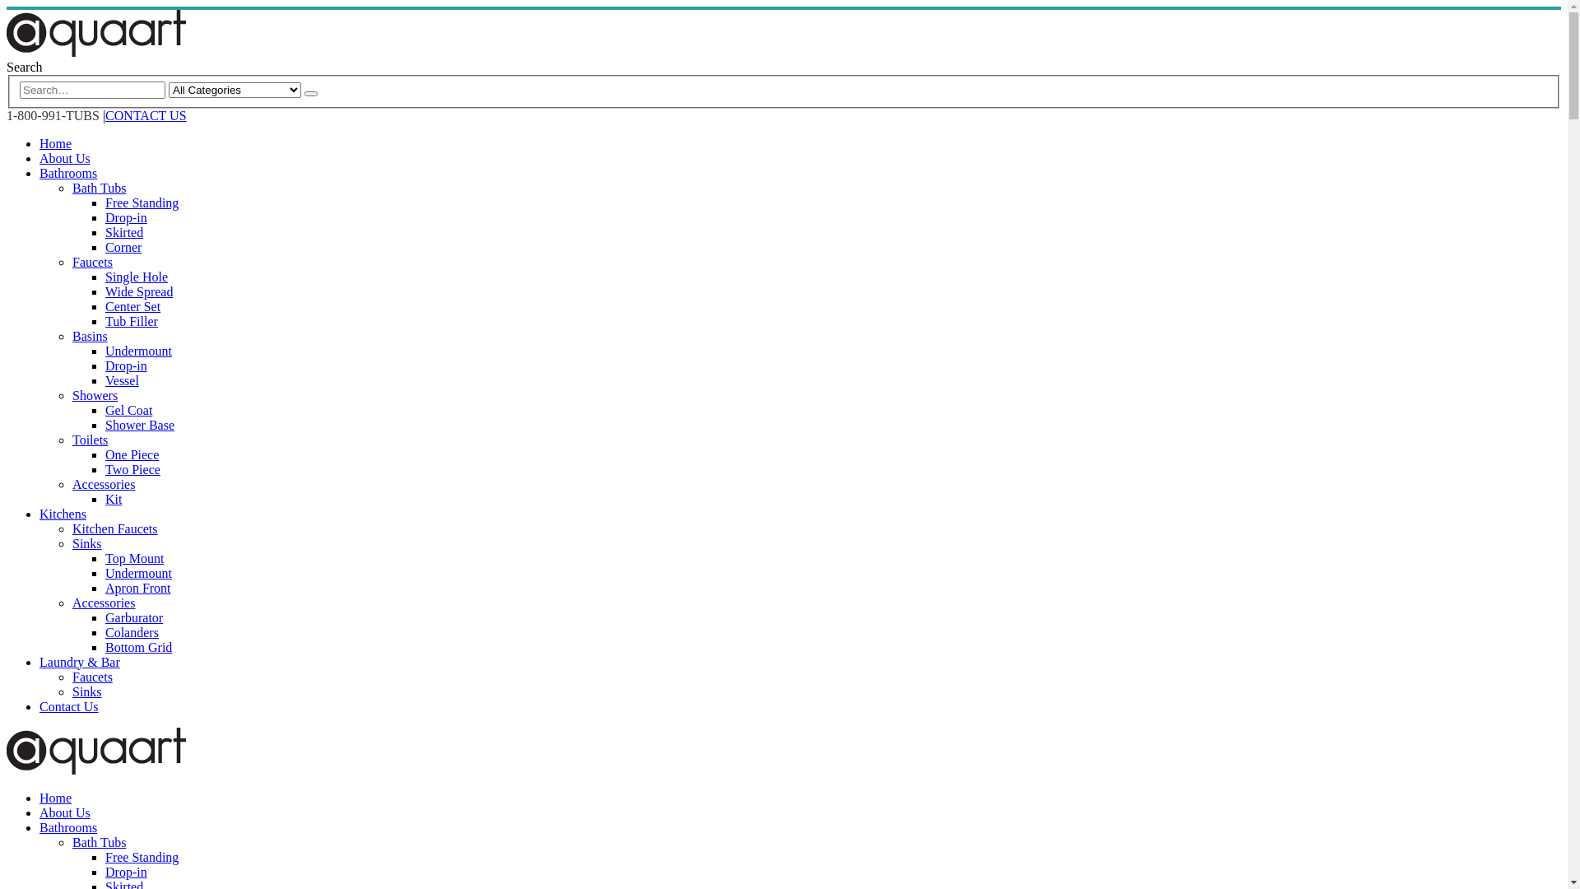 The width and height of the screenshot is (1580, 889). Describe the element at coordinates (132, 469) in the screenshot. I see `'Two Piece'` at that location.